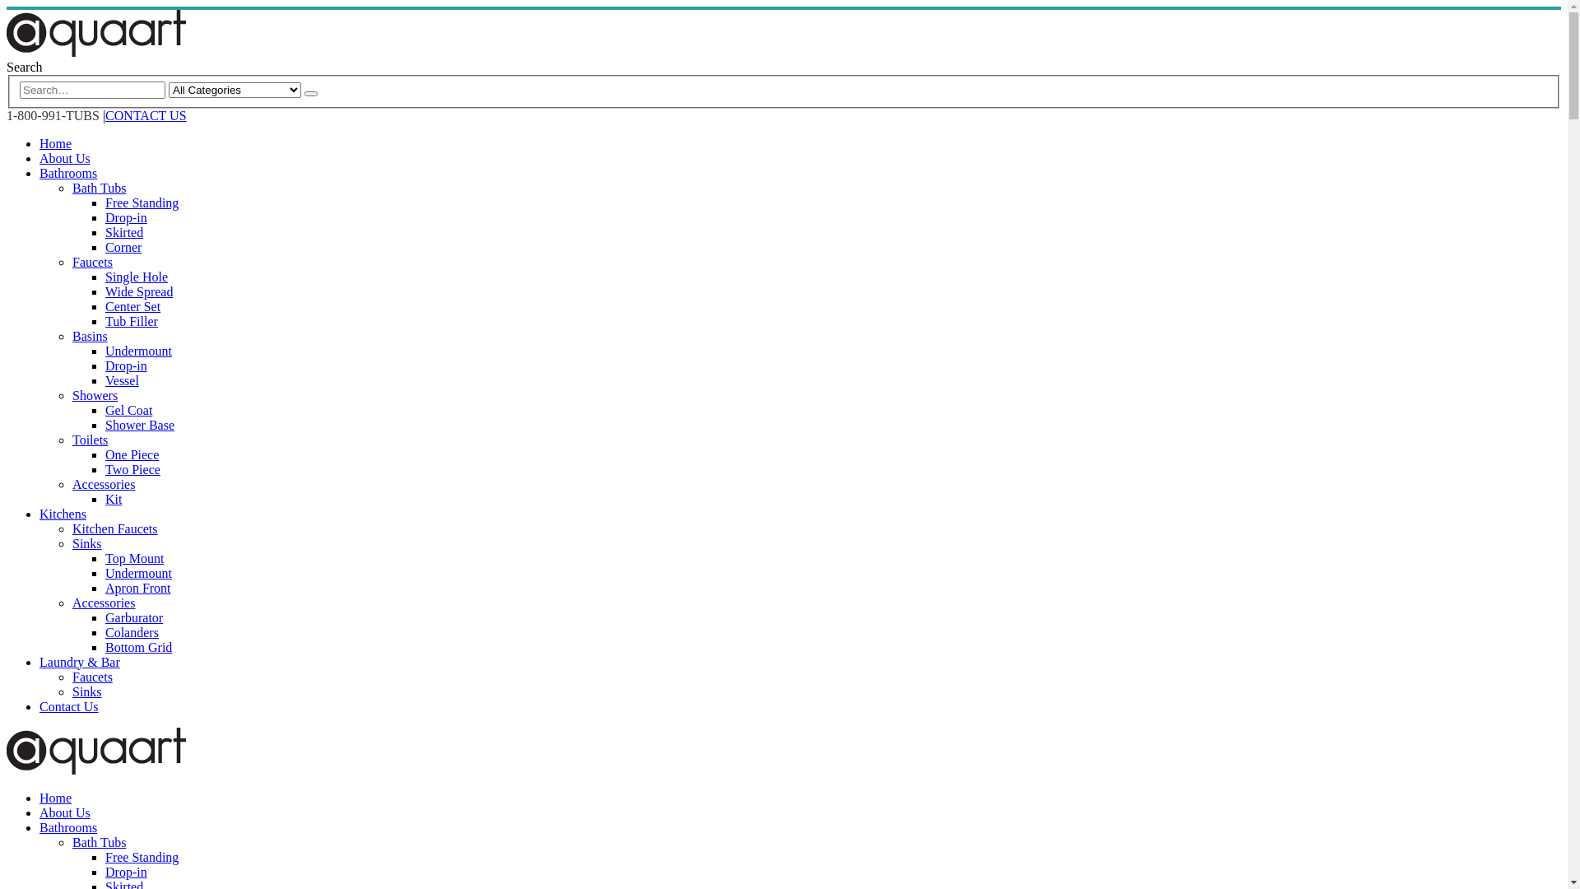 The width and height of the screenshot is (1580, 889). Describe the element at coordinates (132, 469) in the screenshot. I see `'Two Piece'` at that location.